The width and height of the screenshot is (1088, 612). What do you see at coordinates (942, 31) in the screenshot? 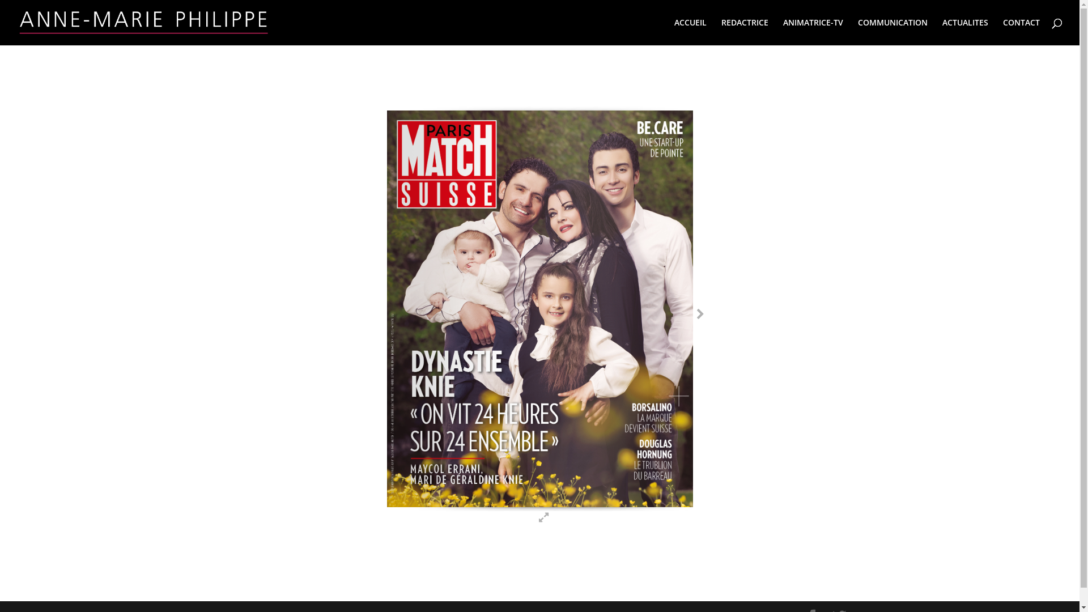
I see `'ACTUALITES'` at bounding box center [942, 31].